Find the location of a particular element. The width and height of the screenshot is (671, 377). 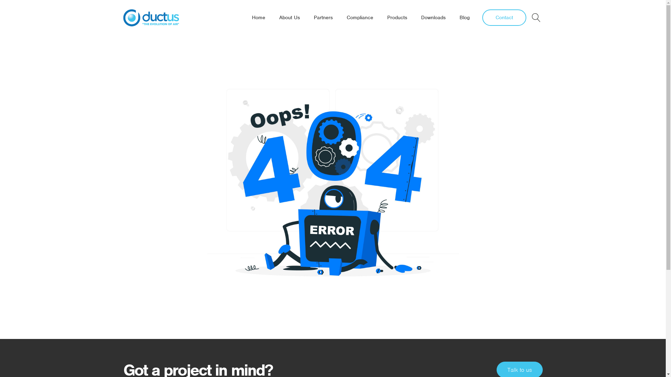

'Contact' is located at coordinates (504, 17).